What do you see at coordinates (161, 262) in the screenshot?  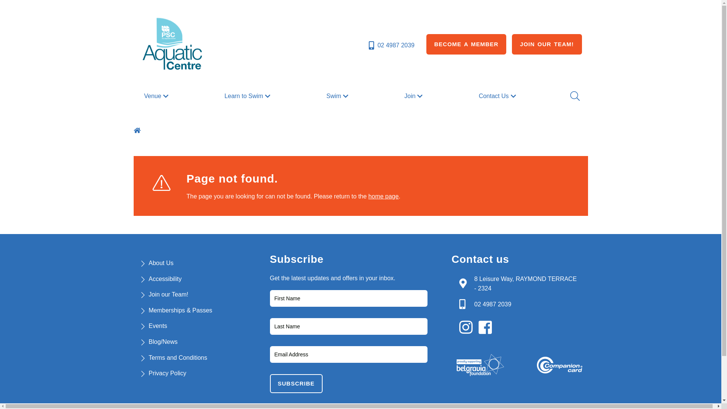 I see `'About Us'` at bounding box center [161, 262].